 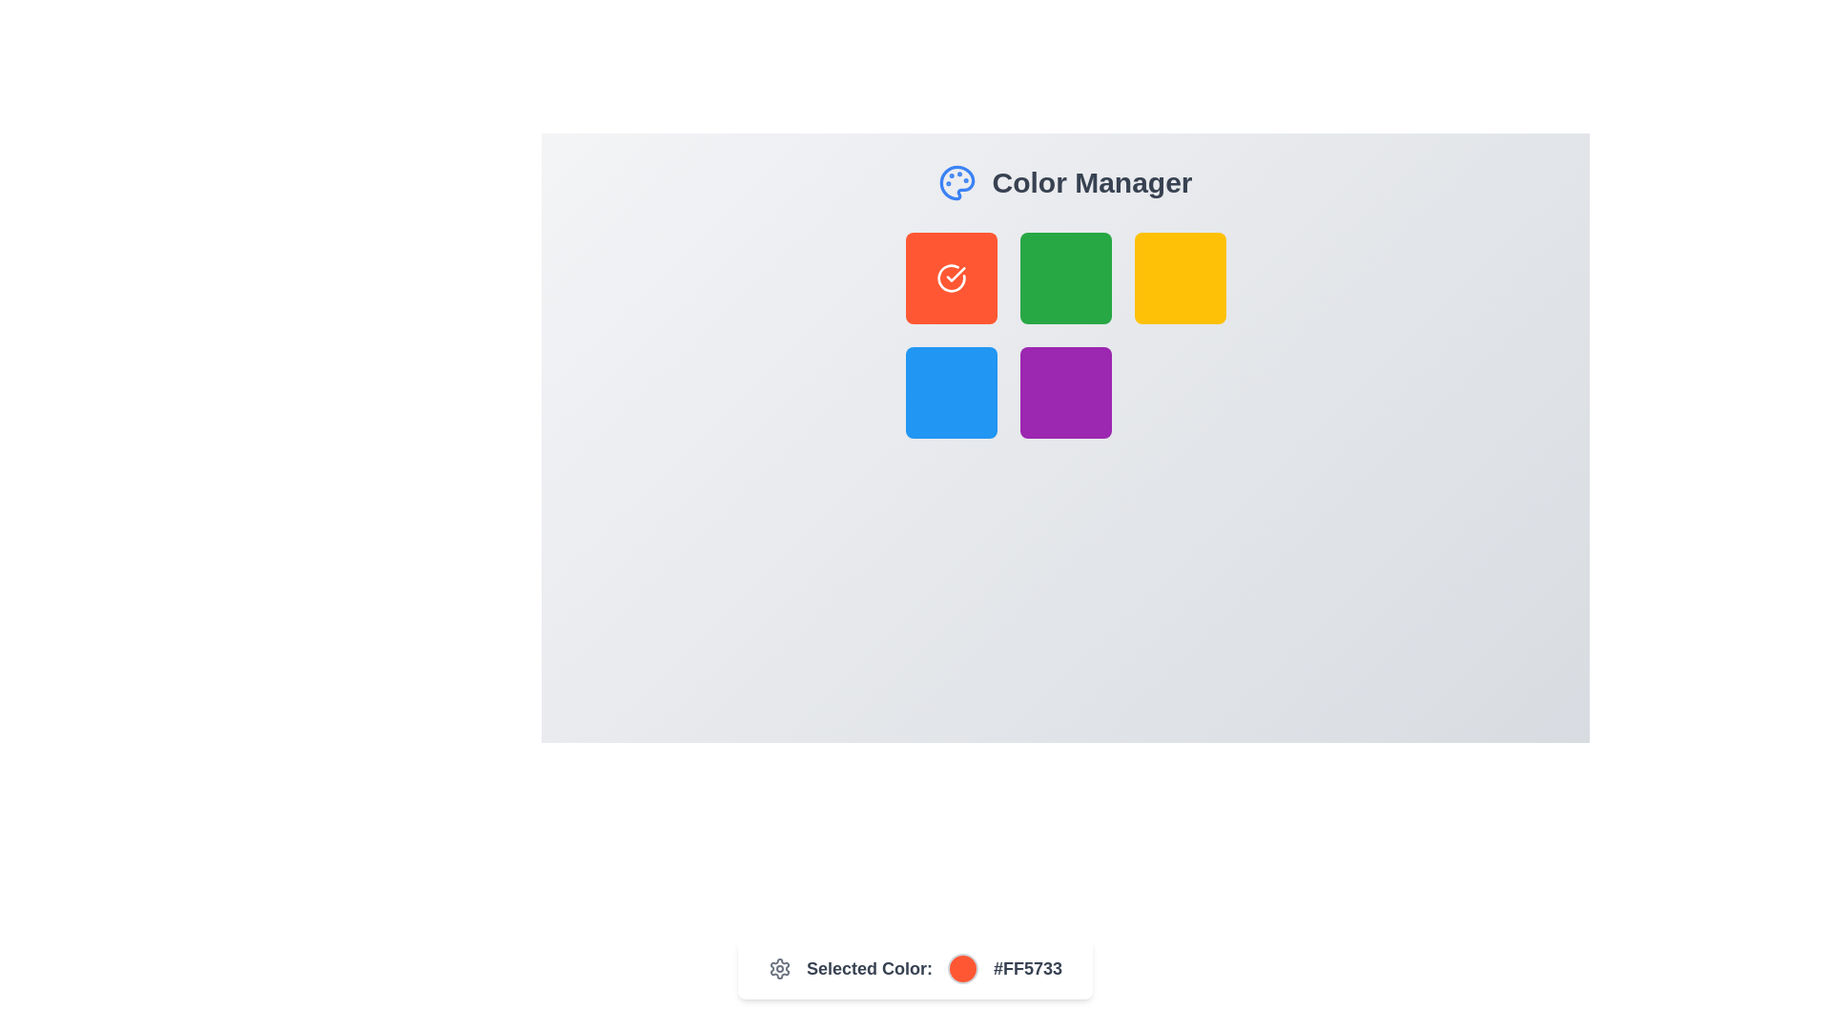 What do you see at coordinates (957, 183) in the screenshot?
I see `the 'Color Manager' icon, which is located to the left of the 'Color Manager' text at the top of the interface, to interact with the color management feature` at bounding box center [957, 183].